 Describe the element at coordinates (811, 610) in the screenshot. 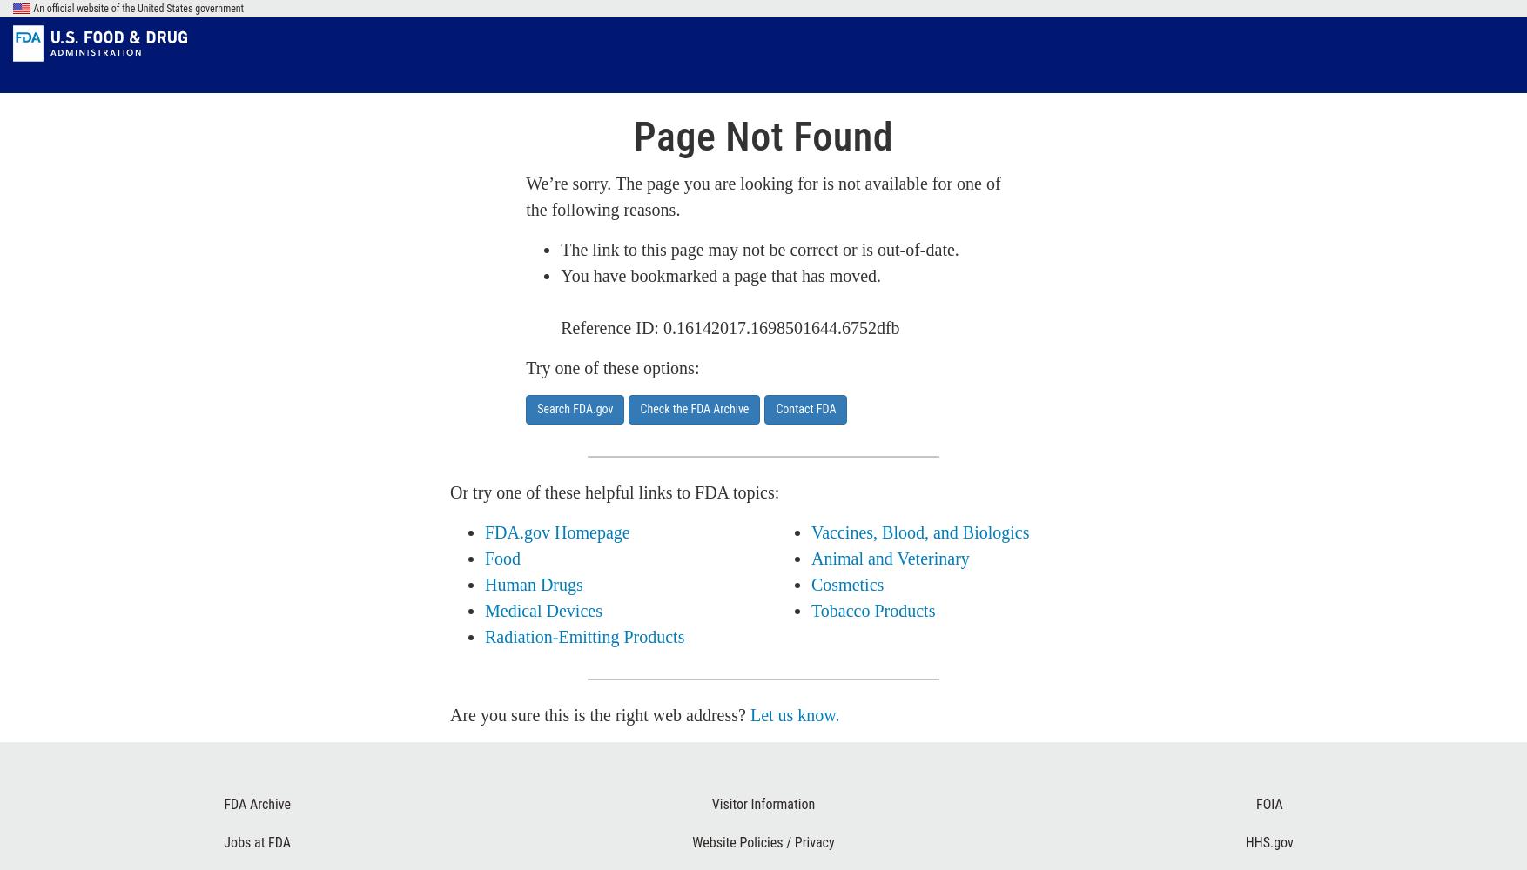

I see `'Tobacco Products'` at that location.